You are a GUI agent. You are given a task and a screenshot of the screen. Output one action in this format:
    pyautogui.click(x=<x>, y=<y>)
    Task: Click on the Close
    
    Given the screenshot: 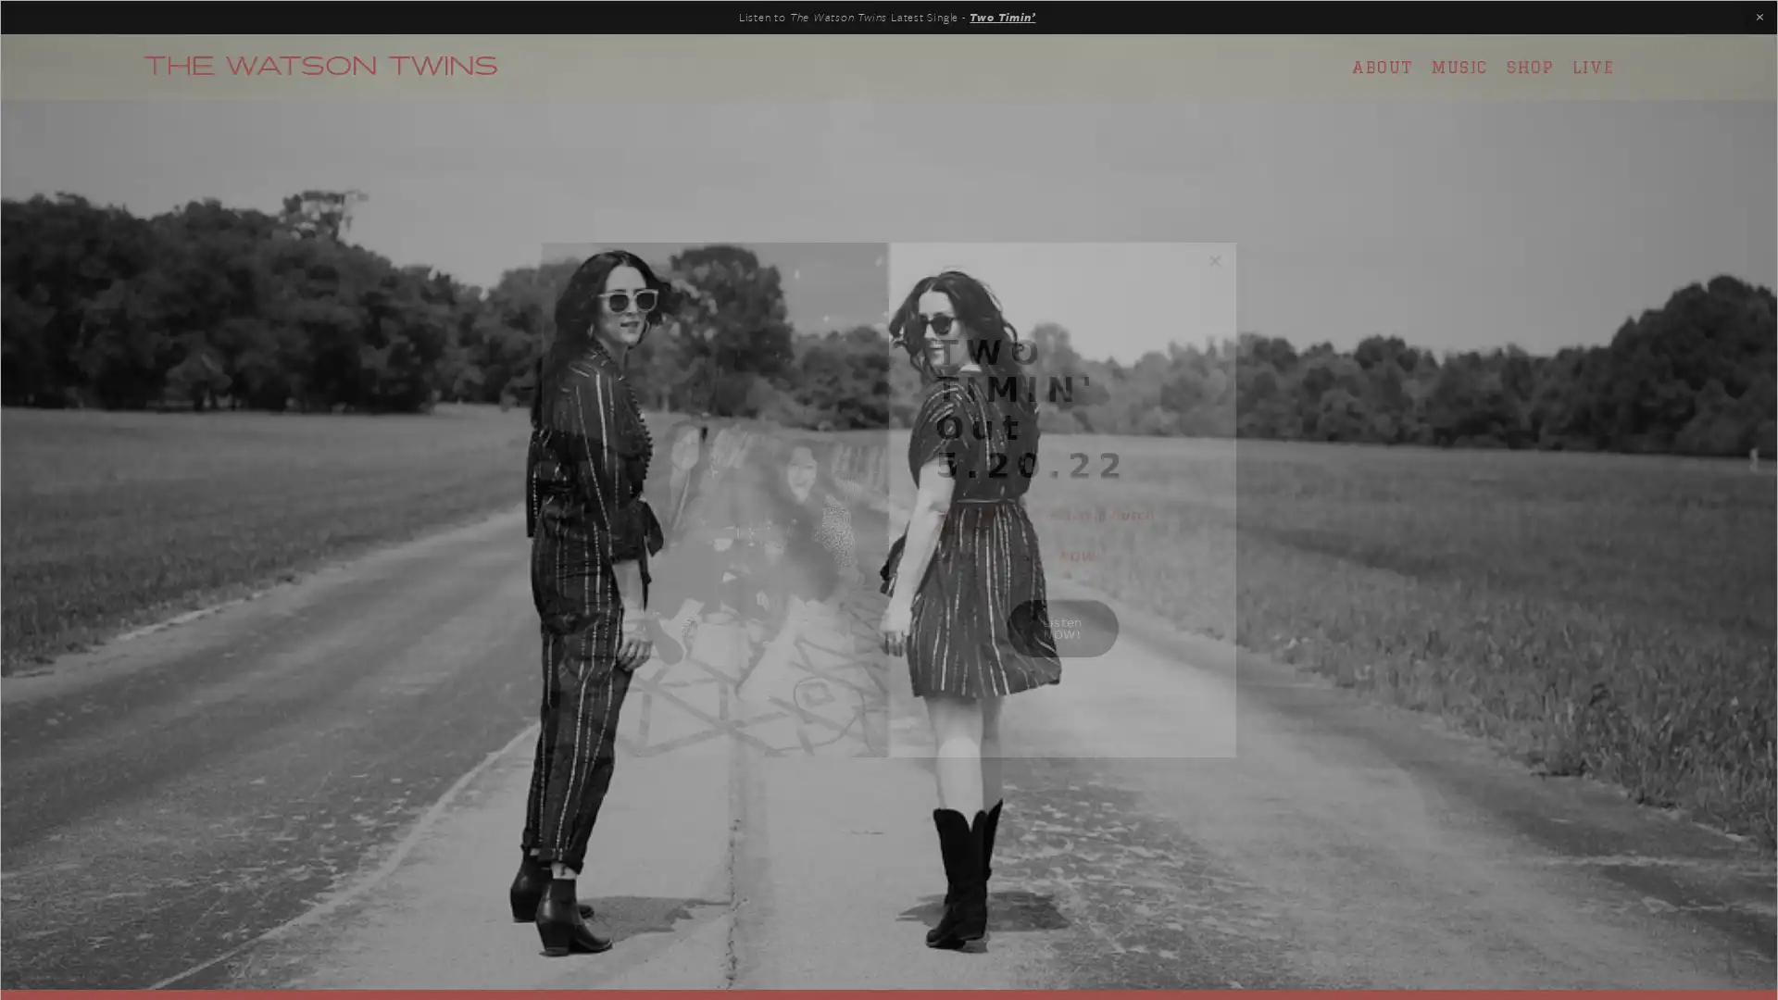 What is the action you would take?
    pyautogui.click(x=1214, y=264)
    